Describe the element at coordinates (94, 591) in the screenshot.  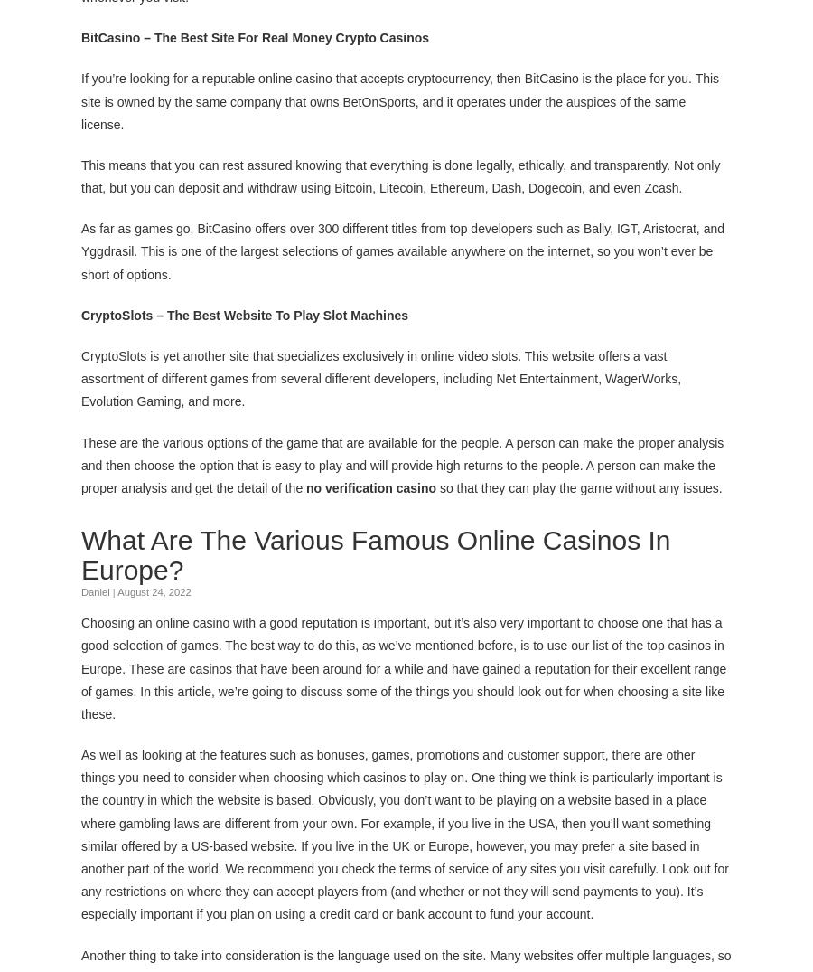
I see `'Daniel'` at that location.